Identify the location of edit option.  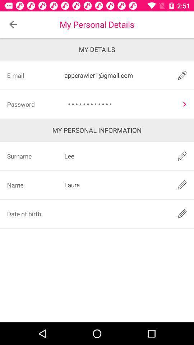
(182, 156).